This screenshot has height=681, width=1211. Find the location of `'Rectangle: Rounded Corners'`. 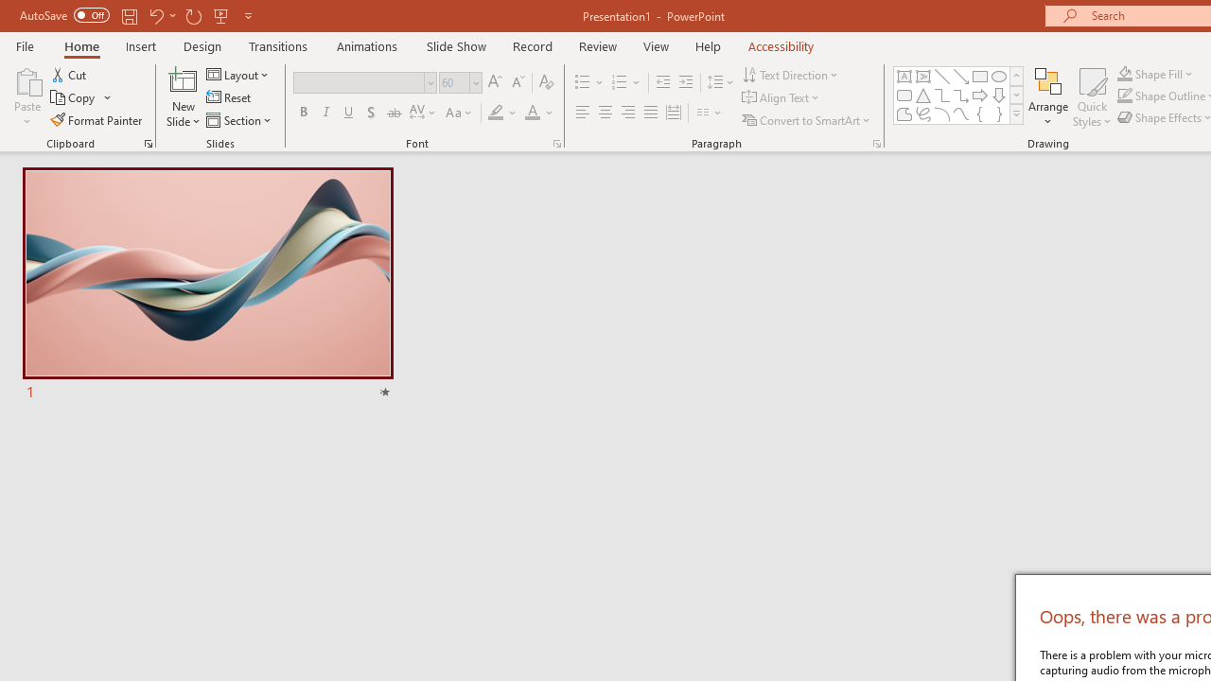

'Rectangle: Rounded Corners' is located at coordinates (904, 95).